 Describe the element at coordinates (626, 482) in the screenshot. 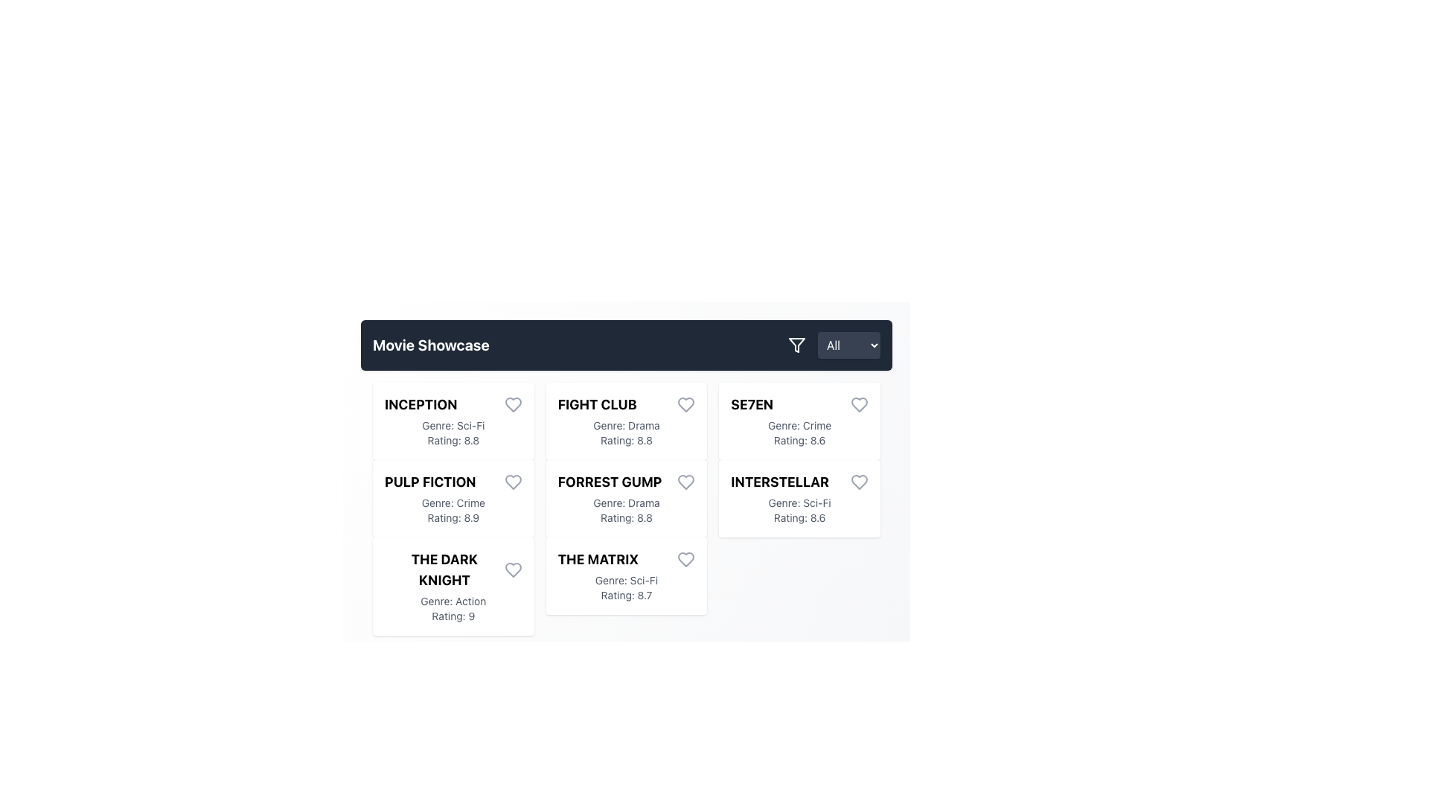

I see `the non-interactive label displaying the title 'Forrest Gump' located at the top of its information card in the second row, center column` at that location.